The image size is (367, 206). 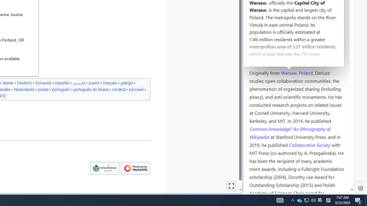 I want to click on 'Nederlands', so click(x=24, y=89).